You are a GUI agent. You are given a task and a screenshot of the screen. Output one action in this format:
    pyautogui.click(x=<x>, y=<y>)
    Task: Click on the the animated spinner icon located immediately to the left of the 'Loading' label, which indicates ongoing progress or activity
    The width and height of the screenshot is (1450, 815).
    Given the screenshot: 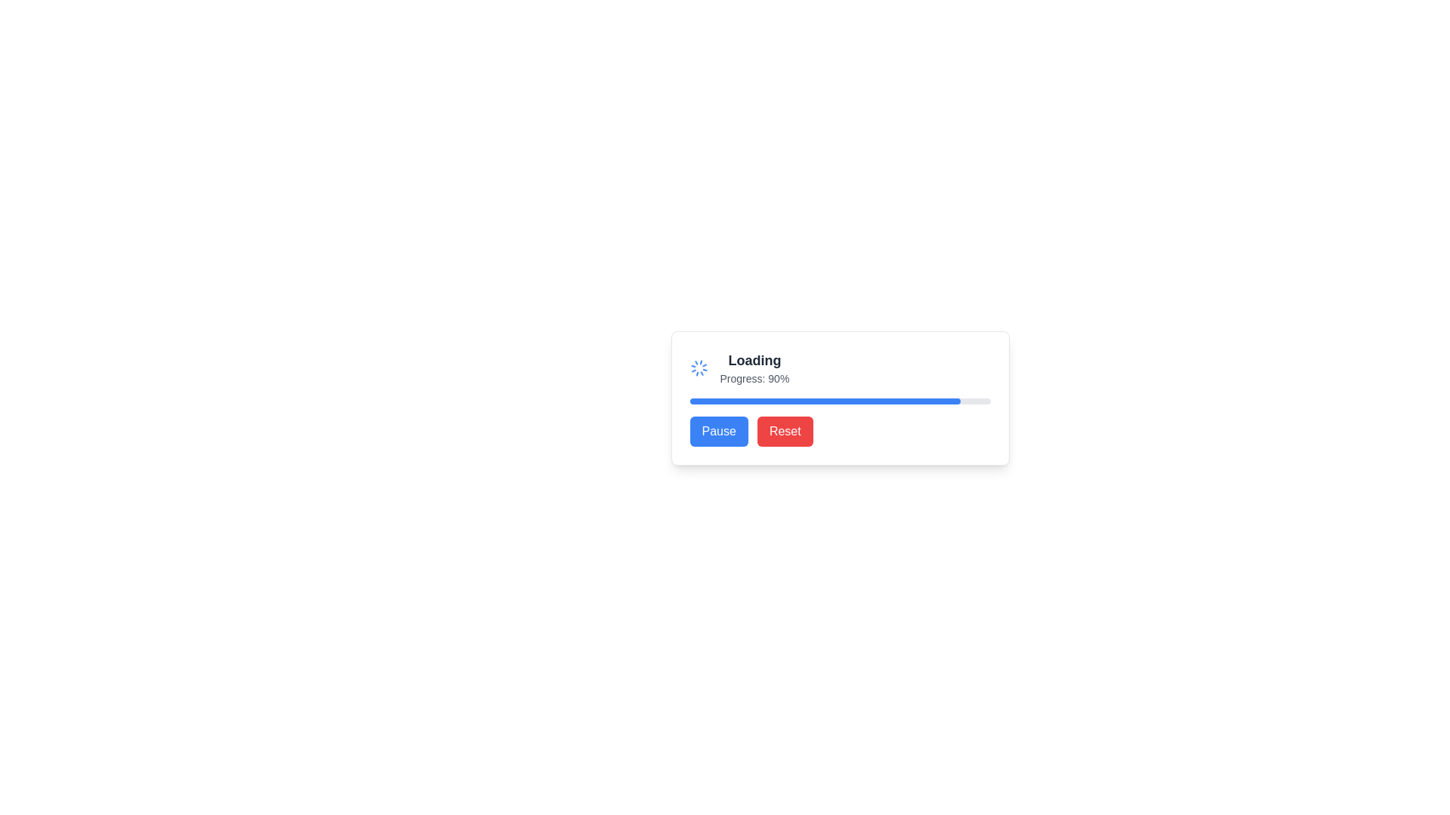 What is the action you would take?
    pyautogui.click(x=698, y=368)
    